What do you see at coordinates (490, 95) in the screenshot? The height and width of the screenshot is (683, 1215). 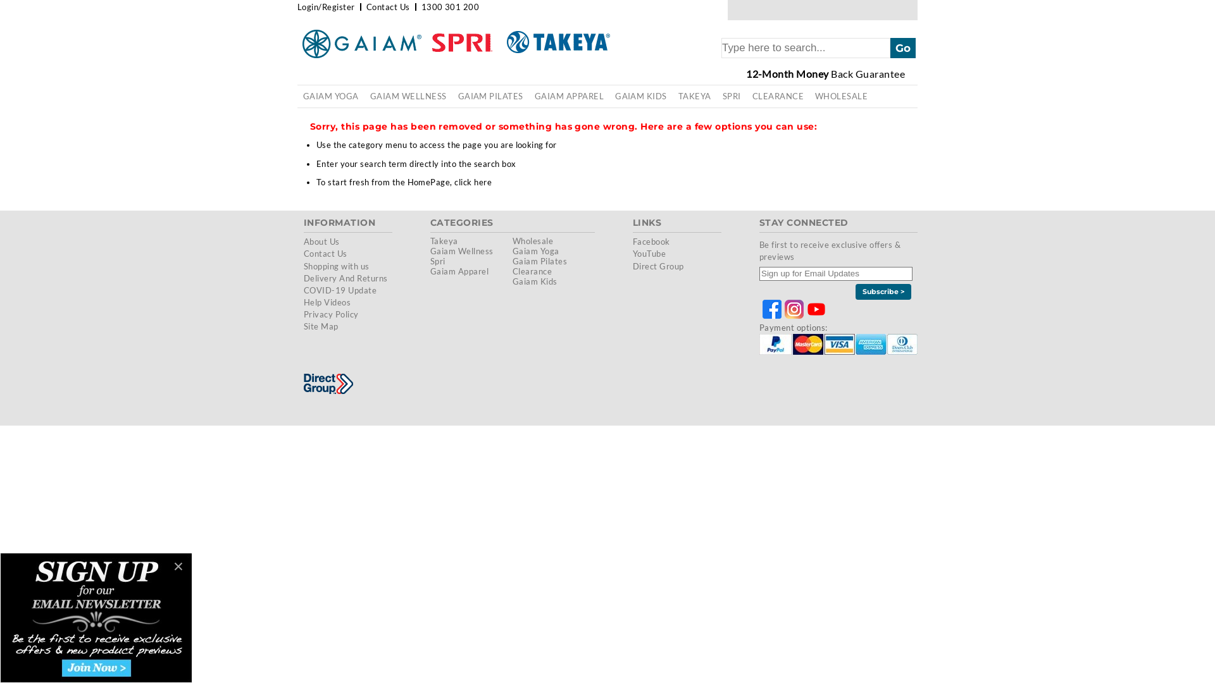 I see `'GAIAM PILATES'` at bounding box center [490, 95].